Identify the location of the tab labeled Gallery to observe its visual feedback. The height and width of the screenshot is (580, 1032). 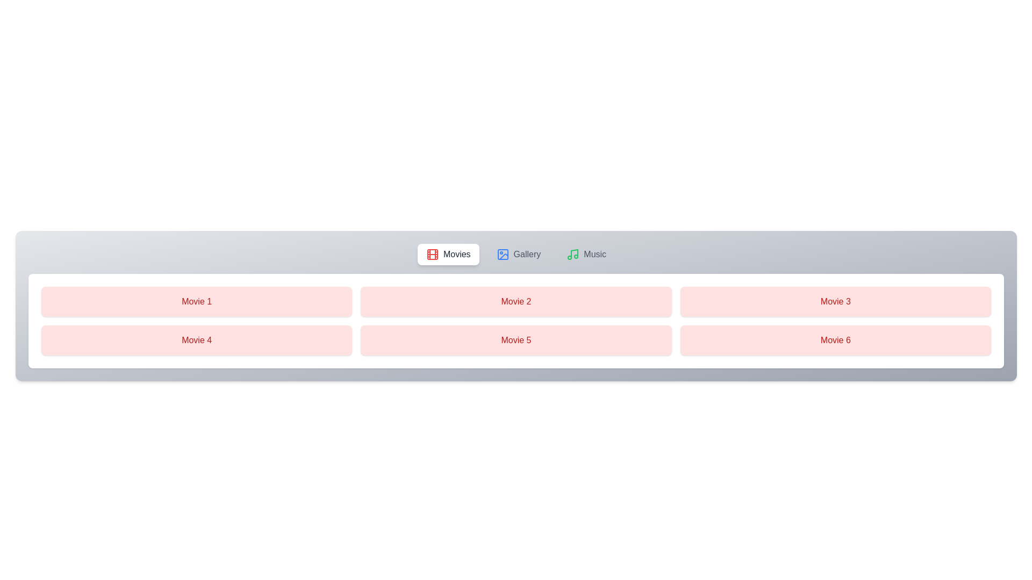
(518, 255).